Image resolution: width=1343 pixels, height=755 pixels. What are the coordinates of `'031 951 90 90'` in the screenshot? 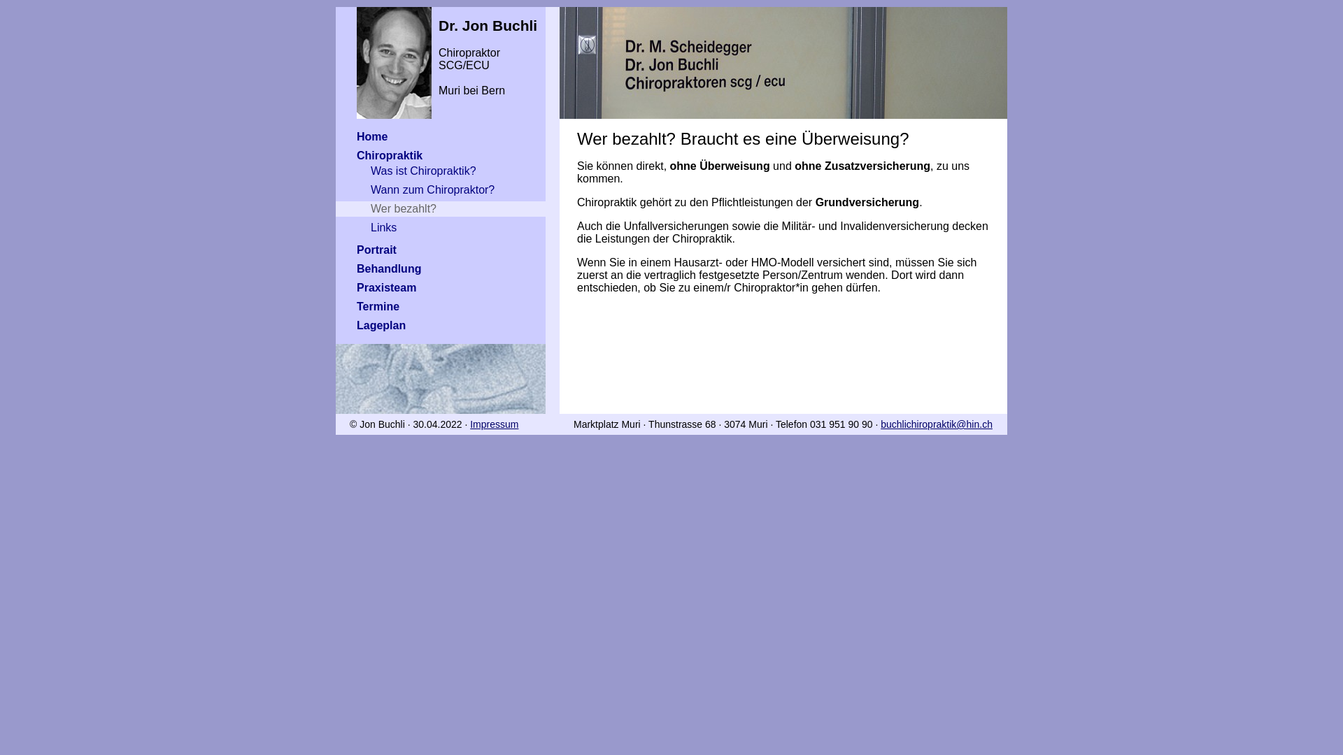 It's located at (841, 423).